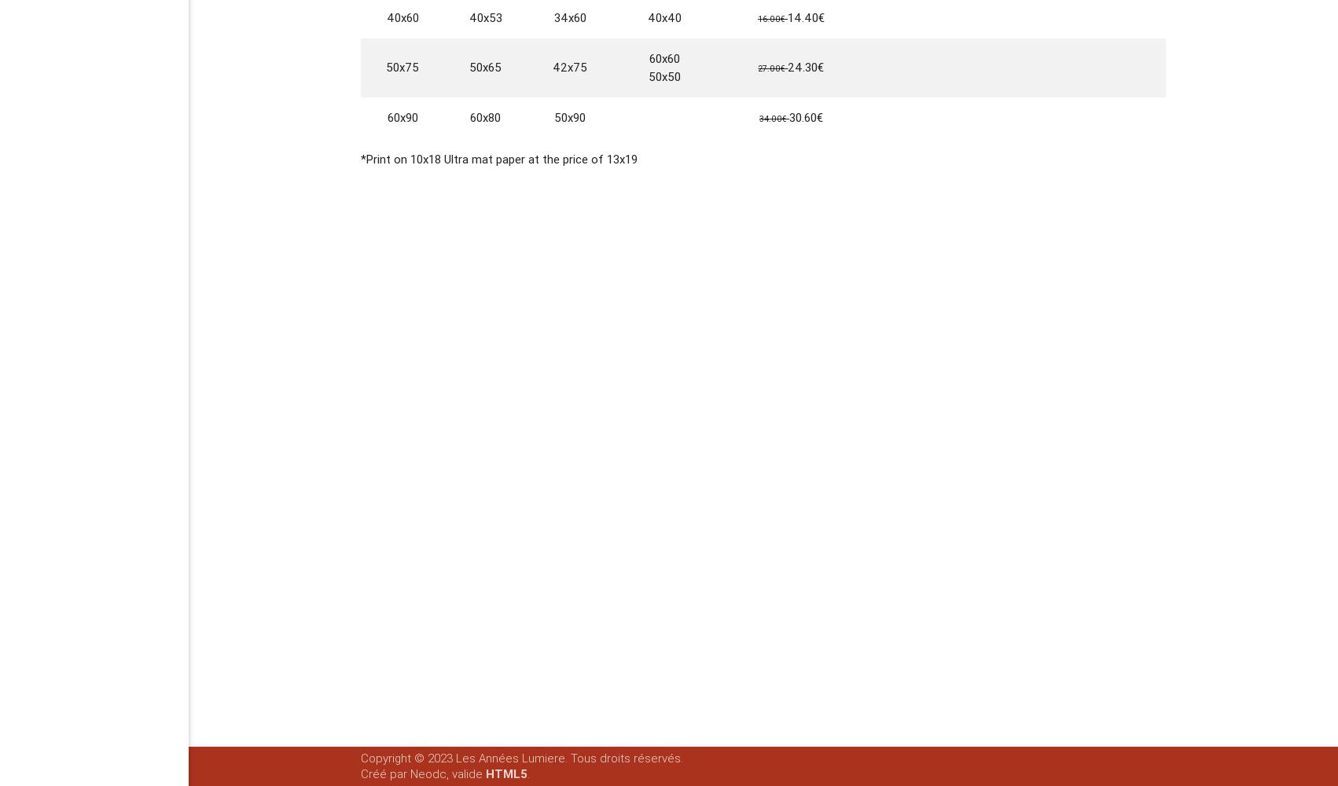 This screenshot has height=786, width=1338. What do you see at coordinates (360, 773) in the screenshot?
I see `'Créé par Neodc, valide'` at bounding box center [360, 773].